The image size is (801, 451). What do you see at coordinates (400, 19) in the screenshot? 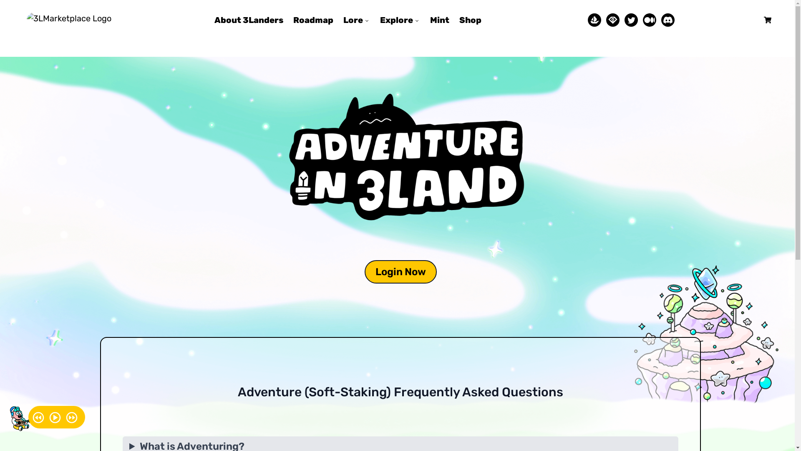
I see `'Explore'` at bounding box center [400, 19].